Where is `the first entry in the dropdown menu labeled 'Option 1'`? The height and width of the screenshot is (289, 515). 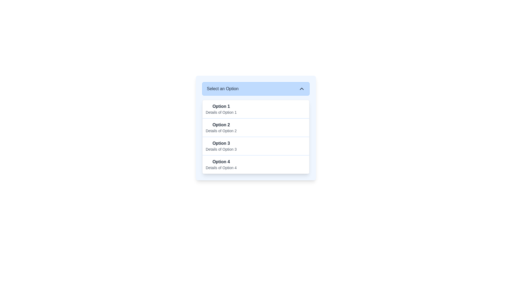
the first entry in the dropdown menu labeled 'Option 1' is located at coordinates (221, 109).